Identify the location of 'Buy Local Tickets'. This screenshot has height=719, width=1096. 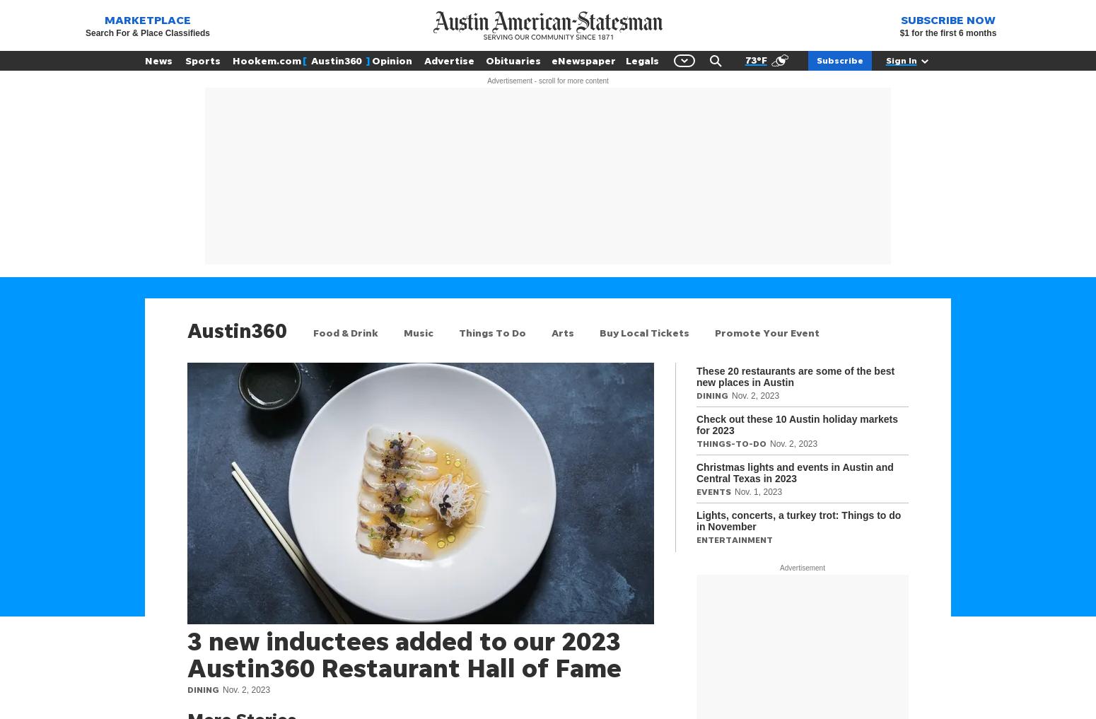
(644, 332).